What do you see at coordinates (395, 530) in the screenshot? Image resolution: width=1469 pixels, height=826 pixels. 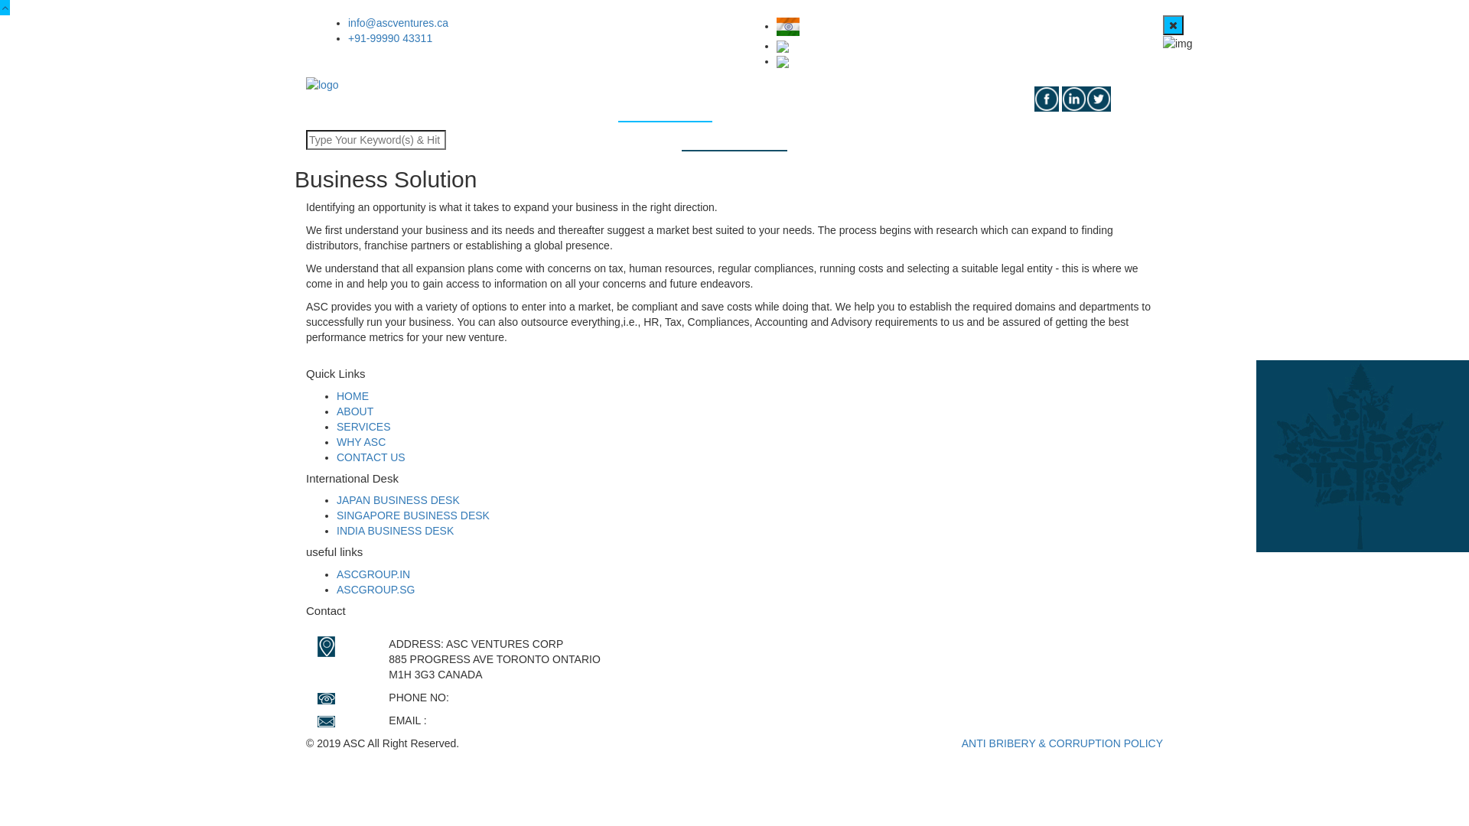 I see `'INDIA BUSINESS DESK'` at bounding box center [395, 530].